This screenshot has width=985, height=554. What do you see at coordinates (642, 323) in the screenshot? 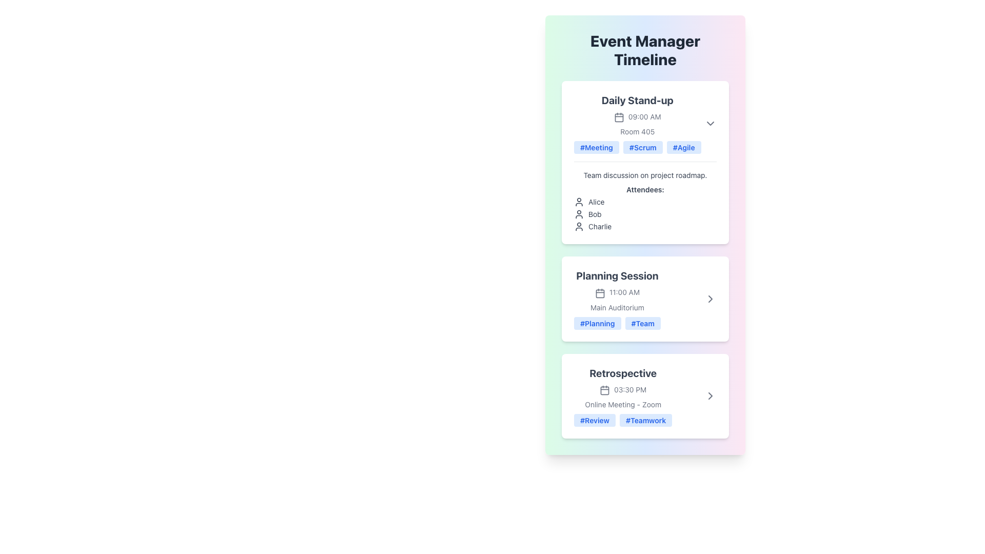
I see `the second tag in the horizontal group of tags at the bottom of the 'Planning Session' card` at bounding box center [642, 323].